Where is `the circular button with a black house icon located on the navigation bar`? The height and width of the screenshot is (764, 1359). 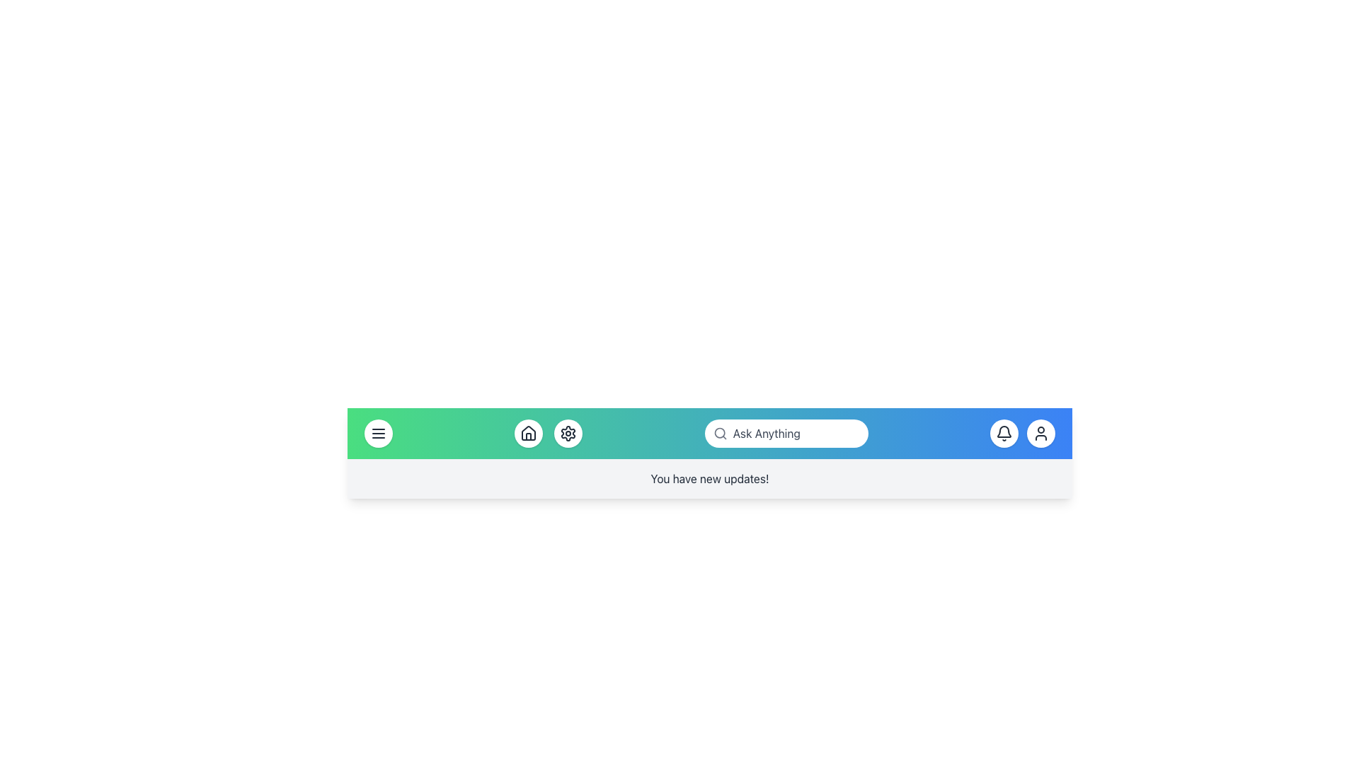 the circular button with a black house icon located on the navigation bar is located at coordinates (528, 433).